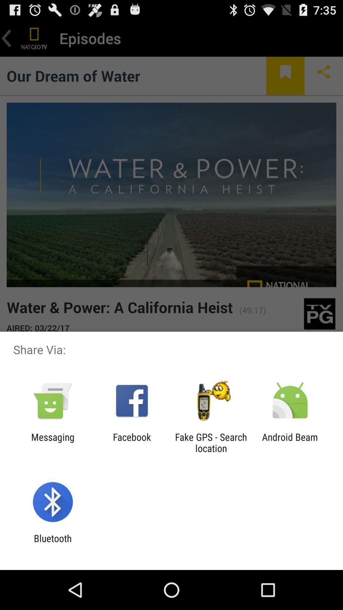 Image resolution: width=343 pixels, height=610 pixels. I want to click on item to the right of facebook item, so click(211, 442).